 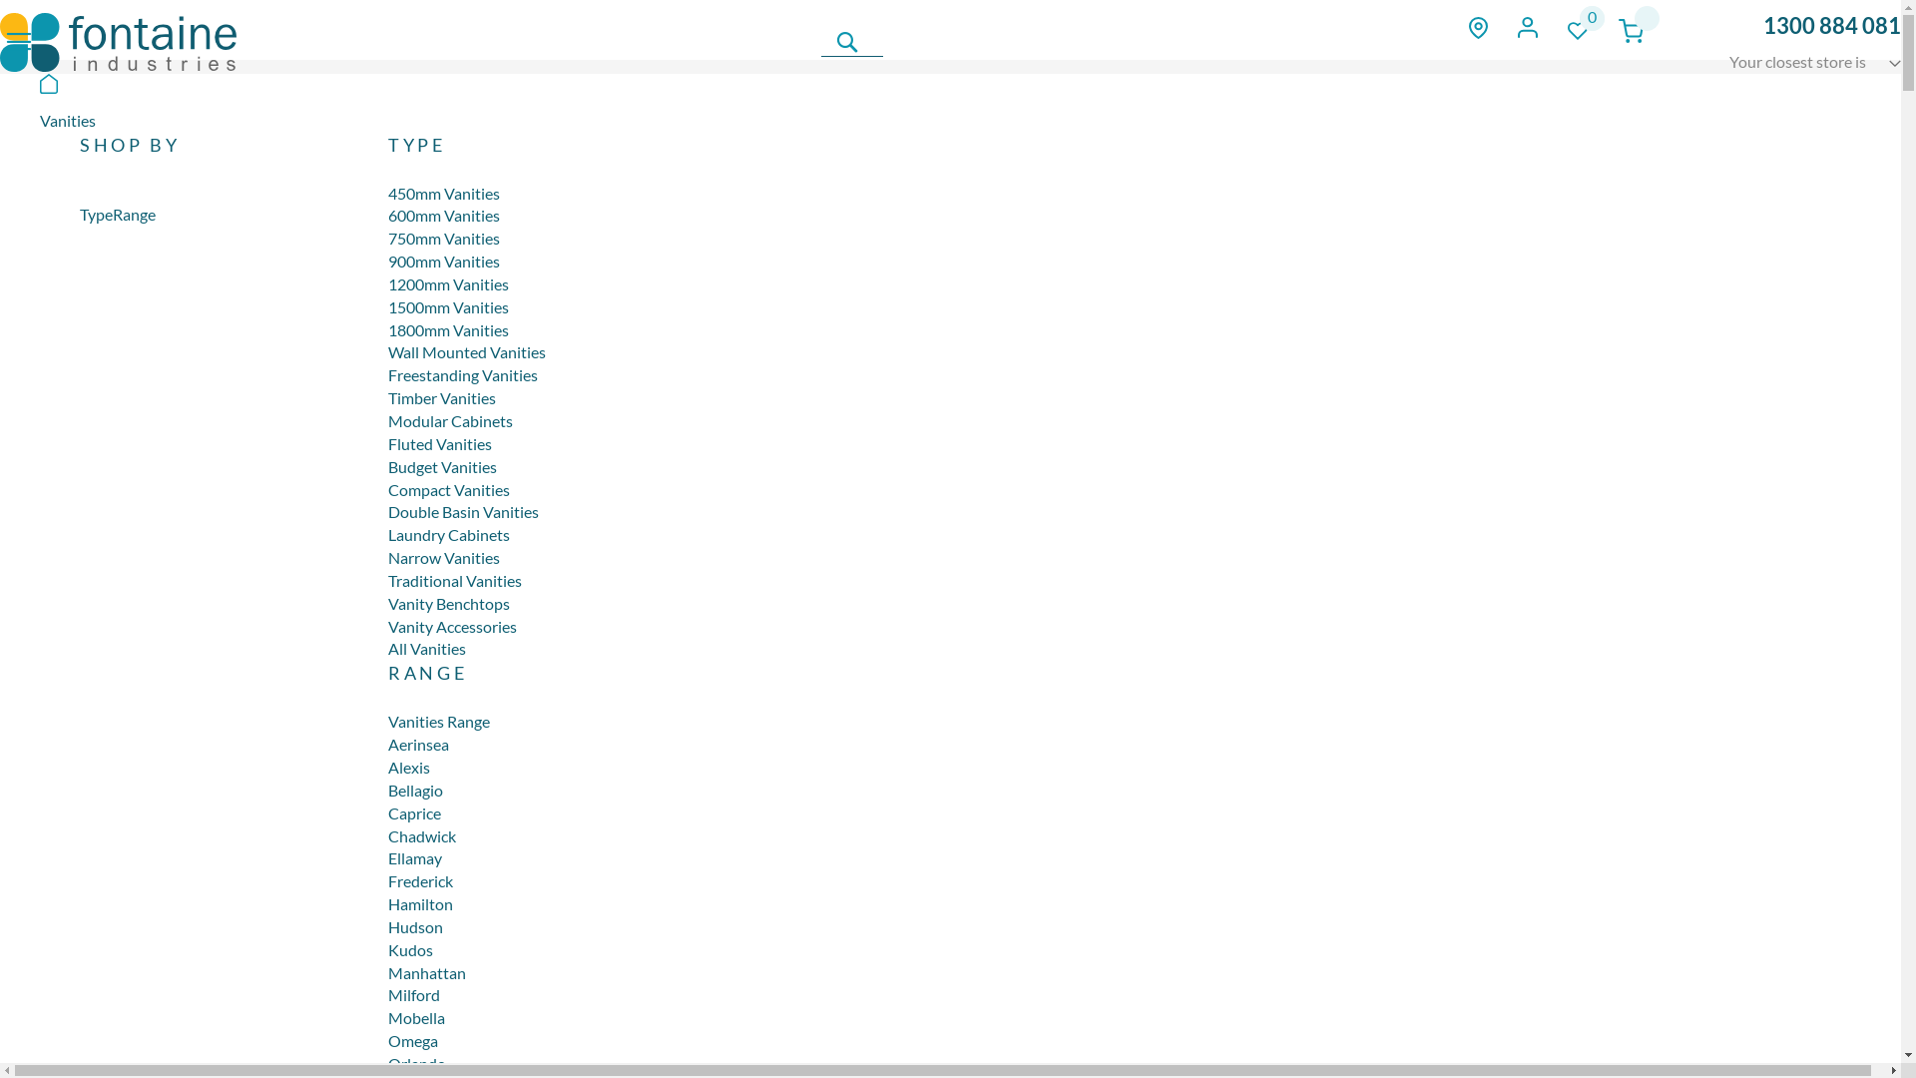 What do you see at coordinates (448, 533) in the screenshot?
I see `'Laundry Cabinets'` at bounding box center [448, 533].